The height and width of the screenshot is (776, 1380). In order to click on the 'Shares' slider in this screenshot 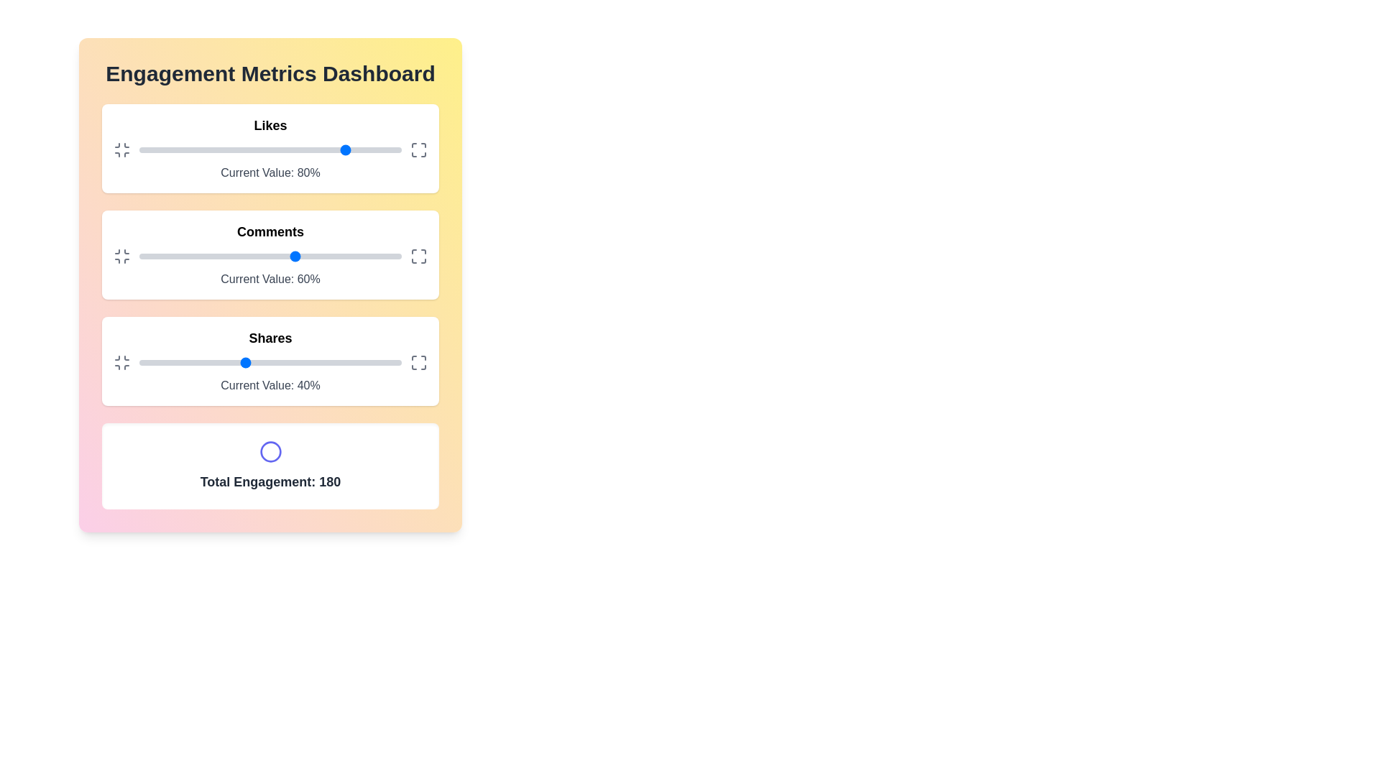, I will do `click(364, 362)`.